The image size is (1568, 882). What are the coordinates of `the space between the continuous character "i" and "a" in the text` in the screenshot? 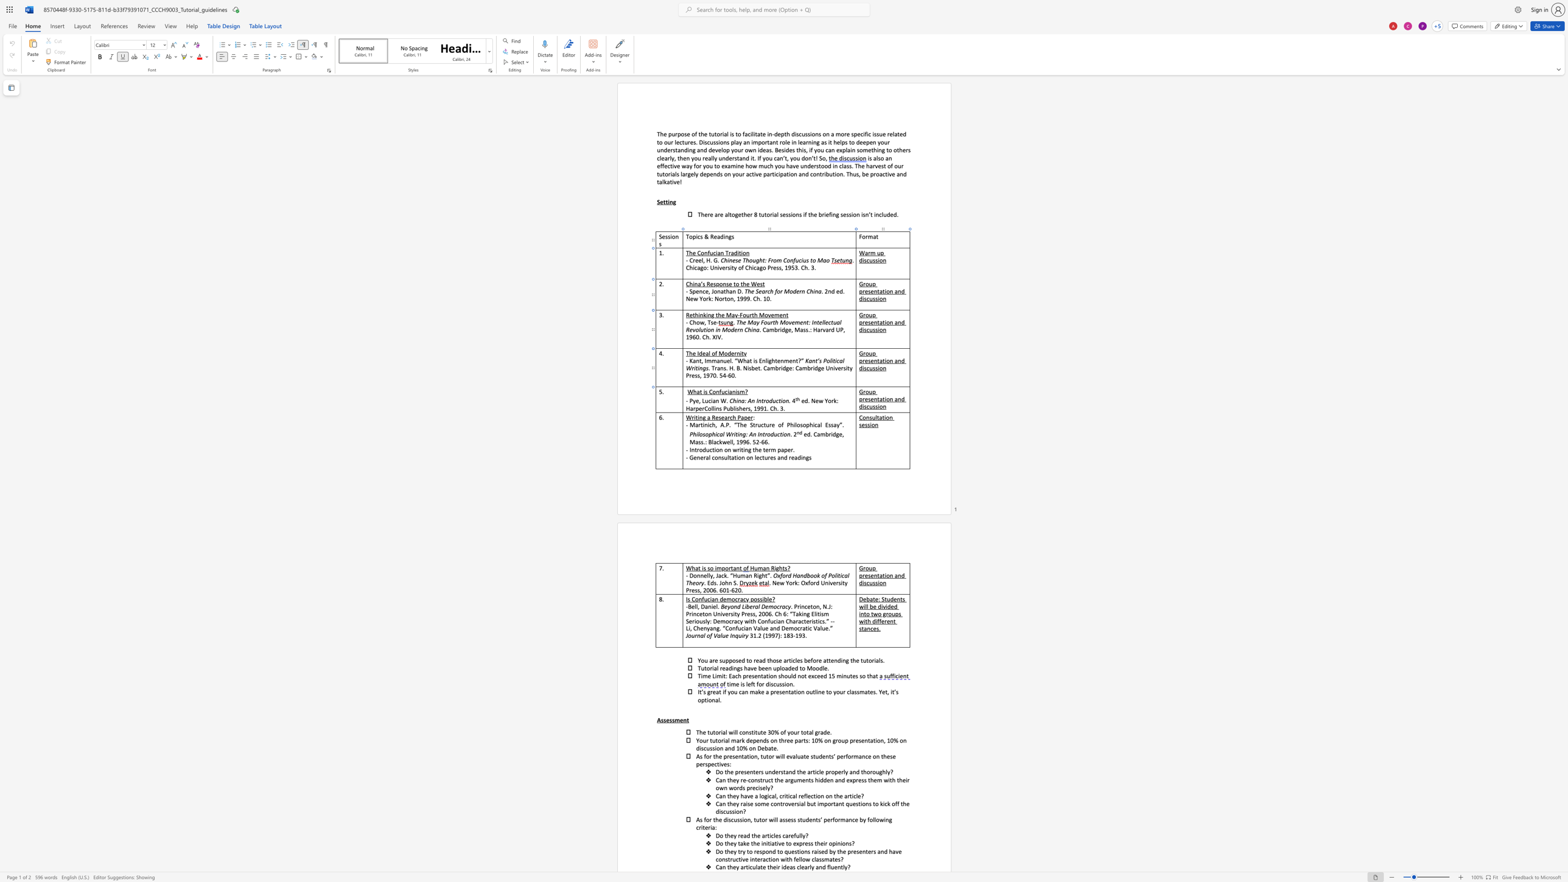 It's located at (729, 391).